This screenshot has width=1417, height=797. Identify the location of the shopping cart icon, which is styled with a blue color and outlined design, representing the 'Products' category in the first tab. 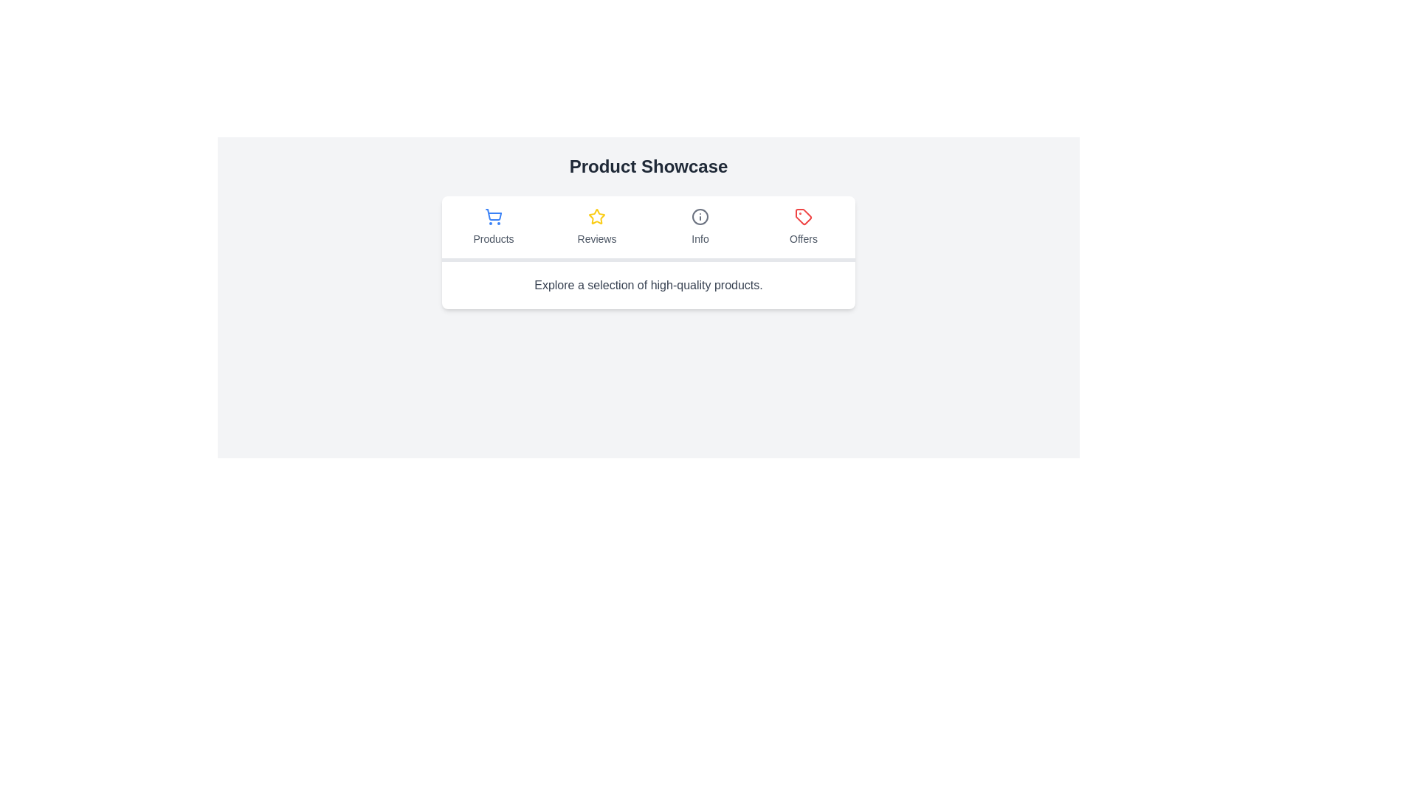
(493, 216).